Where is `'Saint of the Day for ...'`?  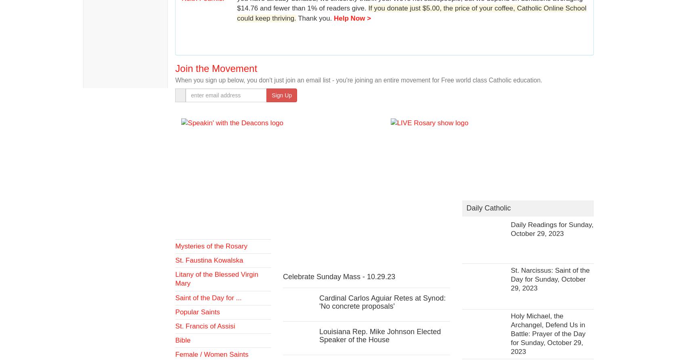 'Saint of the Day for ...' is located at coordinates (174, 297).